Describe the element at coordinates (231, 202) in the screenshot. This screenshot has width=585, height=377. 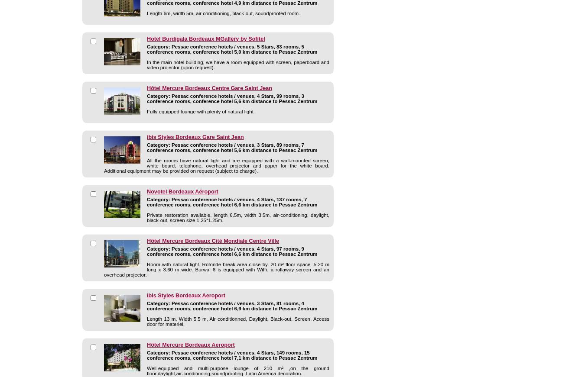
I see `'Category: Pessac conference hotels / venues, 4 Stars, 137 rooms, 7 conference rooms, conference hotel  6,6 km distance to Pessac Zentrum'` at that location.